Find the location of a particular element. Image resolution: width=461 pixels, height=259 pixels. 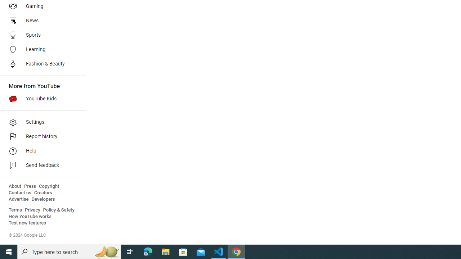

'Terms' is located at coordinates (15, 210).